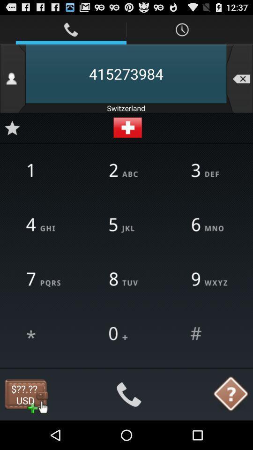 The height and width of the screenshot is (450, 253). What do you see at coordinates (126, 280) in the screenshot?
I see `the button left to the button 9 wxyz` at bounding box center [126, 280].